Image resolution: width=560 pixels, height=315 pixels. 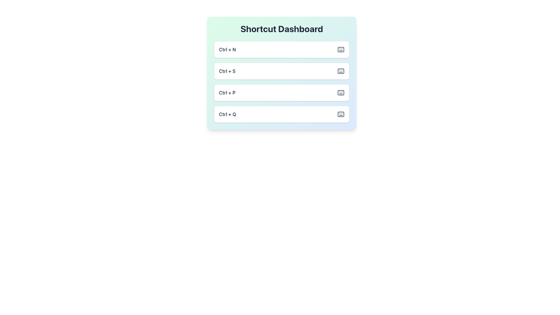 I want to click on the text element labeled 'Ctrl + N', which is styled in bold dark gray and is the first entry in a list of shortcut keys within a card-like structure, so click(x=227, y=49).